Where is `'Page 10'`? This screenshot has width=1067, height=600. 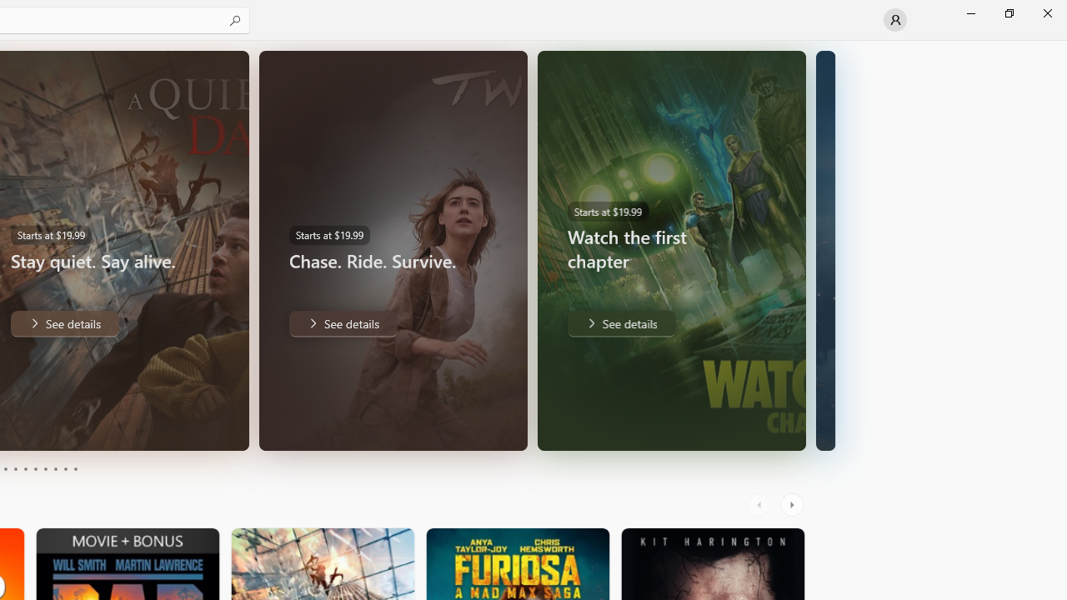 'Page 10' is located at coordinates (74, 469).